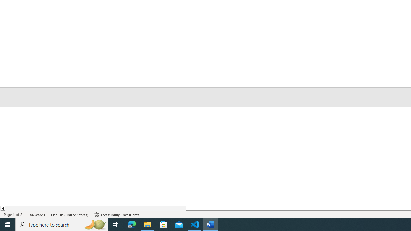 This screenshot has height=231, width=411. Describe the element at coordinates (13, 215) in the screenshot. I see `'Page Number Page 1 of 2'` at that location.